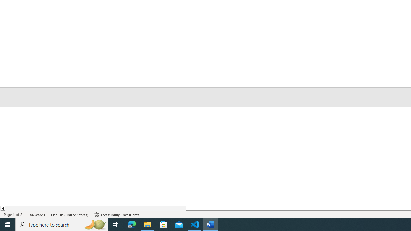 This screenshot has height=231, width=411. Describe the element at coordinates (13, 215) in the screenshot. I see `'Page Number Page 1 of 2'` at that location.